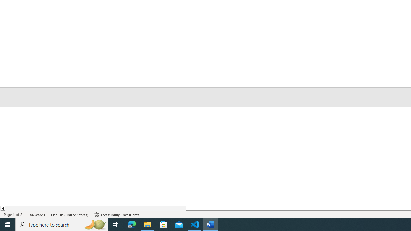 This screenshot has height=231, width=411. Describe the element at coordinates (13, 215) in the screenshot. I see `'Page Number Page 1 of 2'` at that location.